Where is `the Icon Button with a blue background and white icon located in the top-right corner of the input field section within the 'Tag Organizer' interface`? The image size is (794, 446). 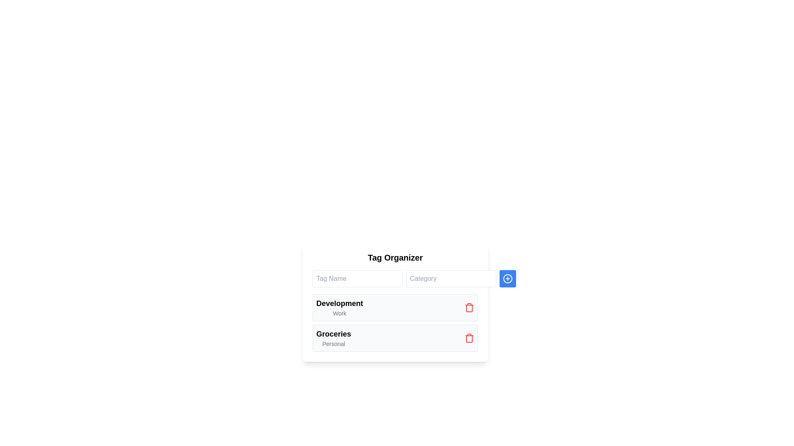
the Icon Button with a blue background and white icon located in the top-right corner of the input field section within the 'Tag Organizer' interface is located at coordinates (507, 279).